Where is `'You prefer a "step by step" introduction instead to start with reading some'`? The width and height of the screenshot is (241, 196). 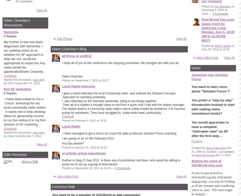
'You prefer a "step by step" introduction instead to start with reading some' is located at coordinates (191, 104).